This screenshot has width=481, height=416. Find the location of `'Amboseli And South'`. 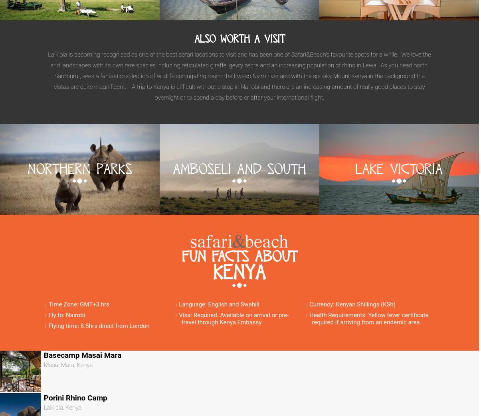

'Amboseli And South' is located at coordinates (239, 169).